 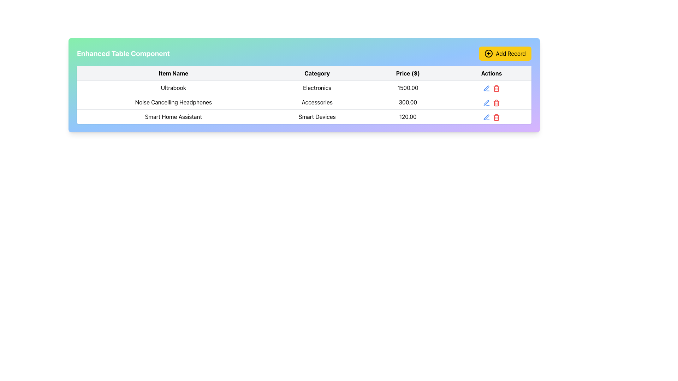 What do you see at coordinates (486, 103) in the screenshot?
I see `the SVG icon representing the edit action, which appears as a vector graphic resembling a pen or pencil located in the Actions column of the second row in the table` at bounding box center [486, 103].